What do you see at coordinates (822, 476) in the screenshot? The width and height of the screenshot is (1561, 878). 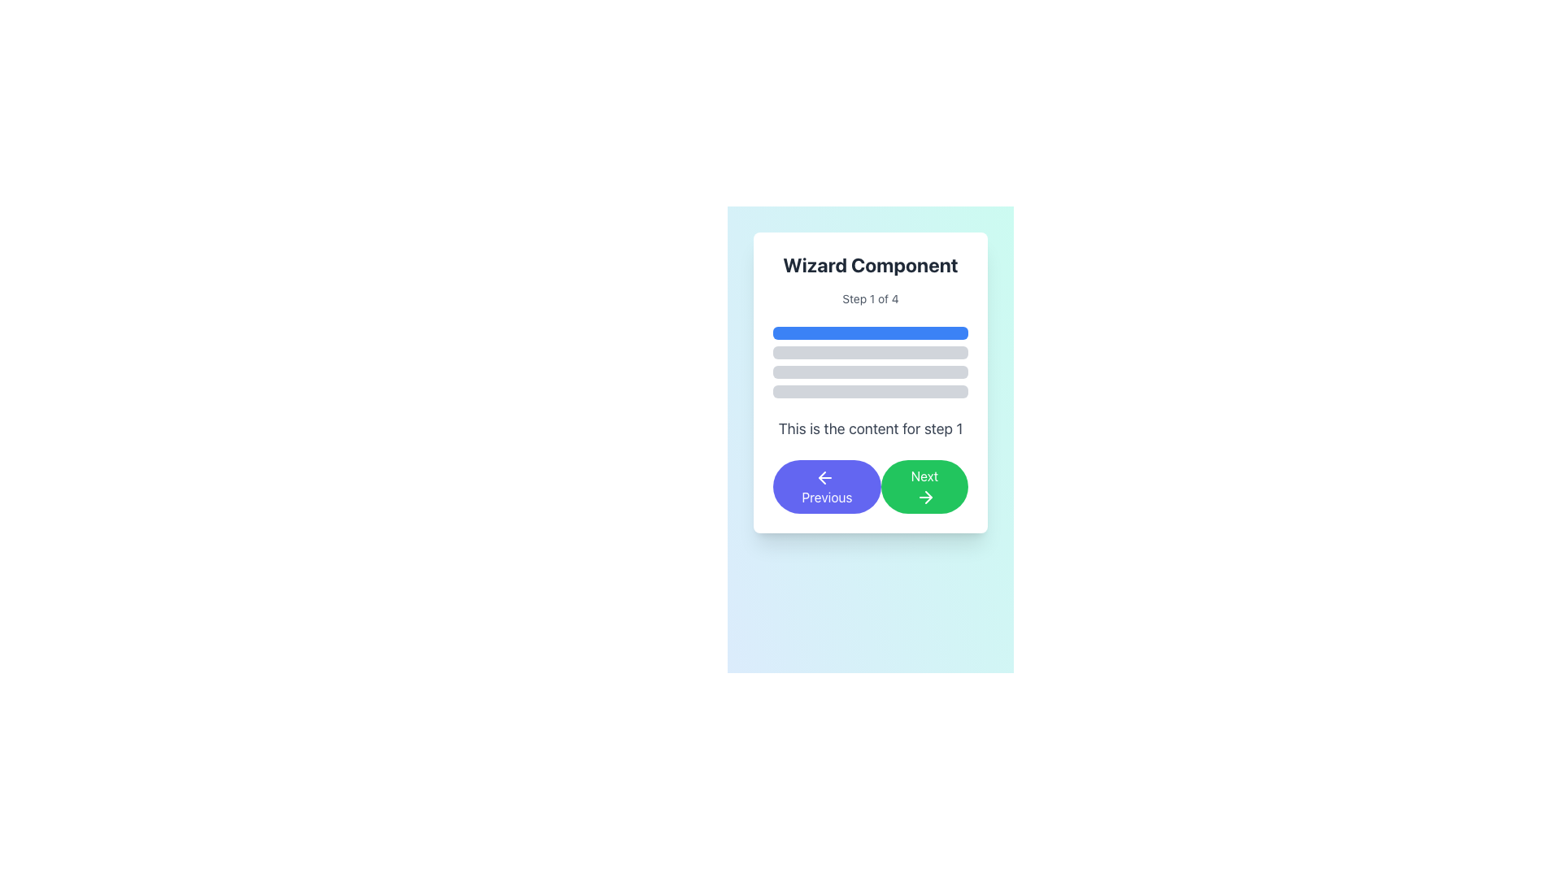 I see `the left-pointing arrow icon embedded inside the 'Previous' button located at the bottom of the card layout` at bounding box center [822, 476].